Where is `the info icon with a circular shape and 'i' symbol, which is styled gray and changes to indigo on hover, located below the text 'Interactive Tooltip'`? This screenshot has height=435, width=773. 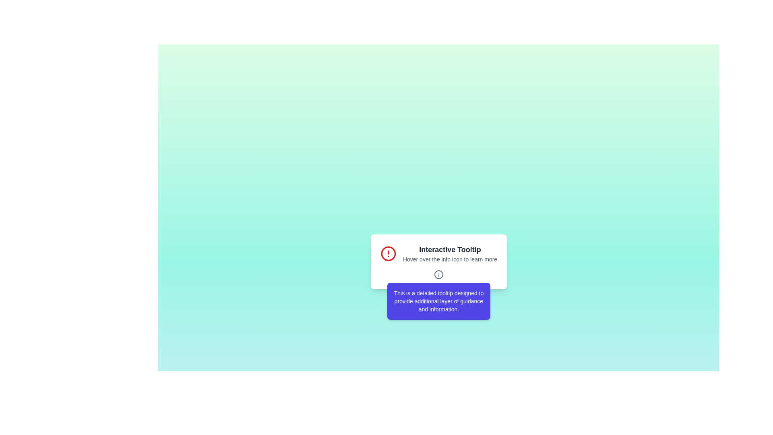
the info icon with a circular shape and 'i' symbol, which is styled gray and changes to indigo on hover, located below the text 'Interactive Tooltip' is located at coordinates (438, 274).